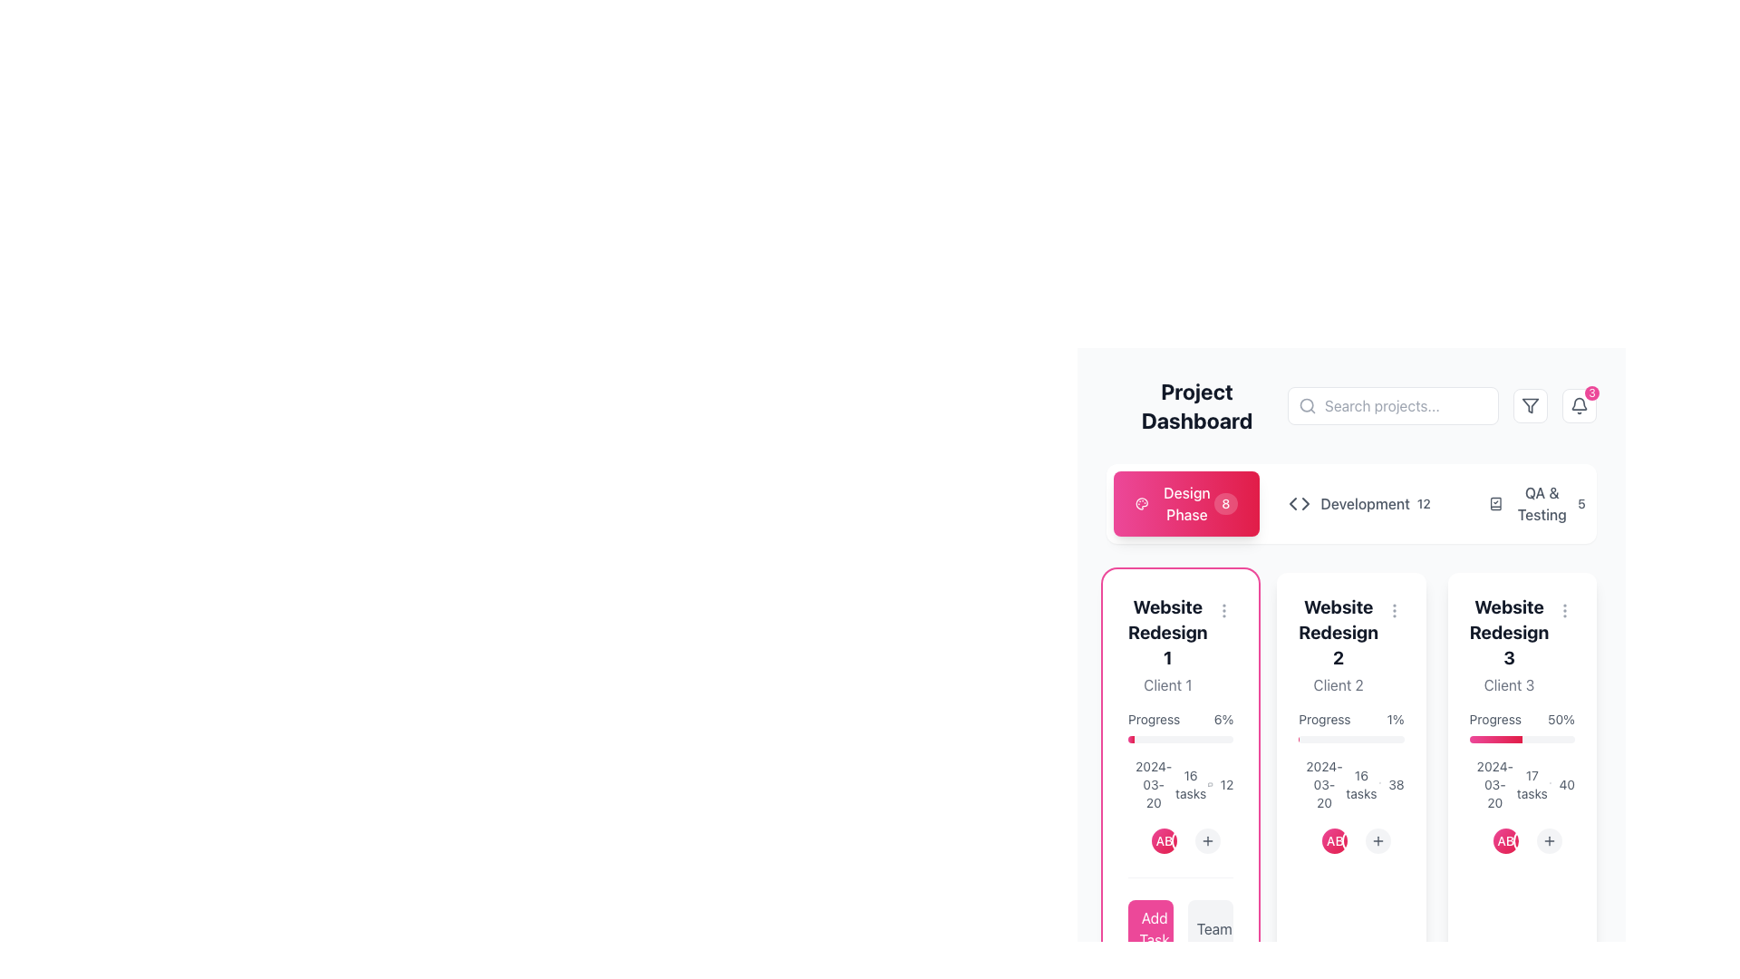 The width and height of the screenshot is (1740, 979). I want to click on the 'Design Phase' button, which is a rounded rectangular button with a gradient background and contains a palette icon, the text 'Design Phase', and a circular label with the number '8', so click(1186, 503).